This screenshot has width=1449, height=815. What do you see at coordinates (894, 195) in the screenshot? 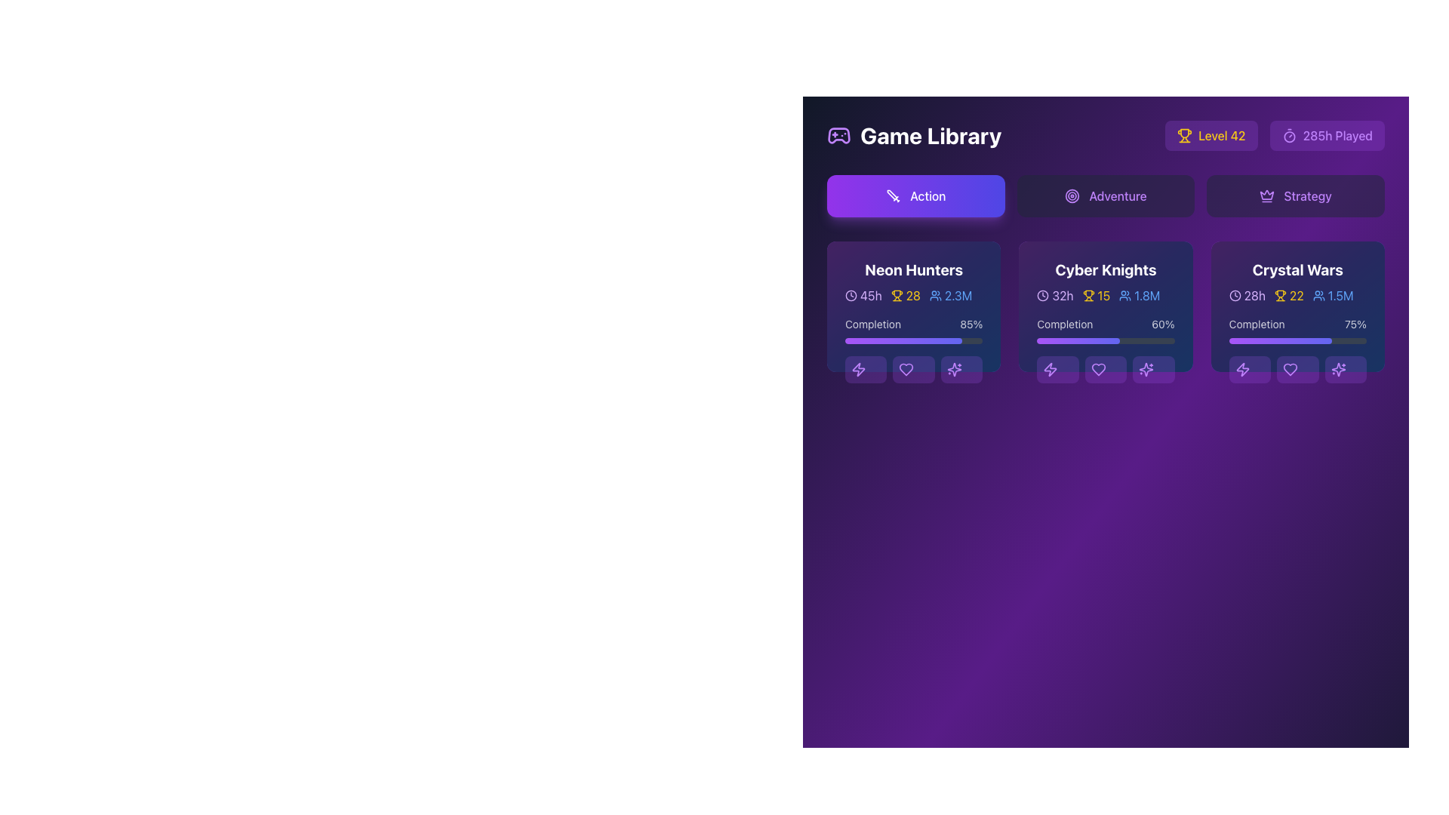
I see `the white sword icon located on the left side of the gradient purple rectangular button labeled 'Action'` at bounding box center [894, 195].